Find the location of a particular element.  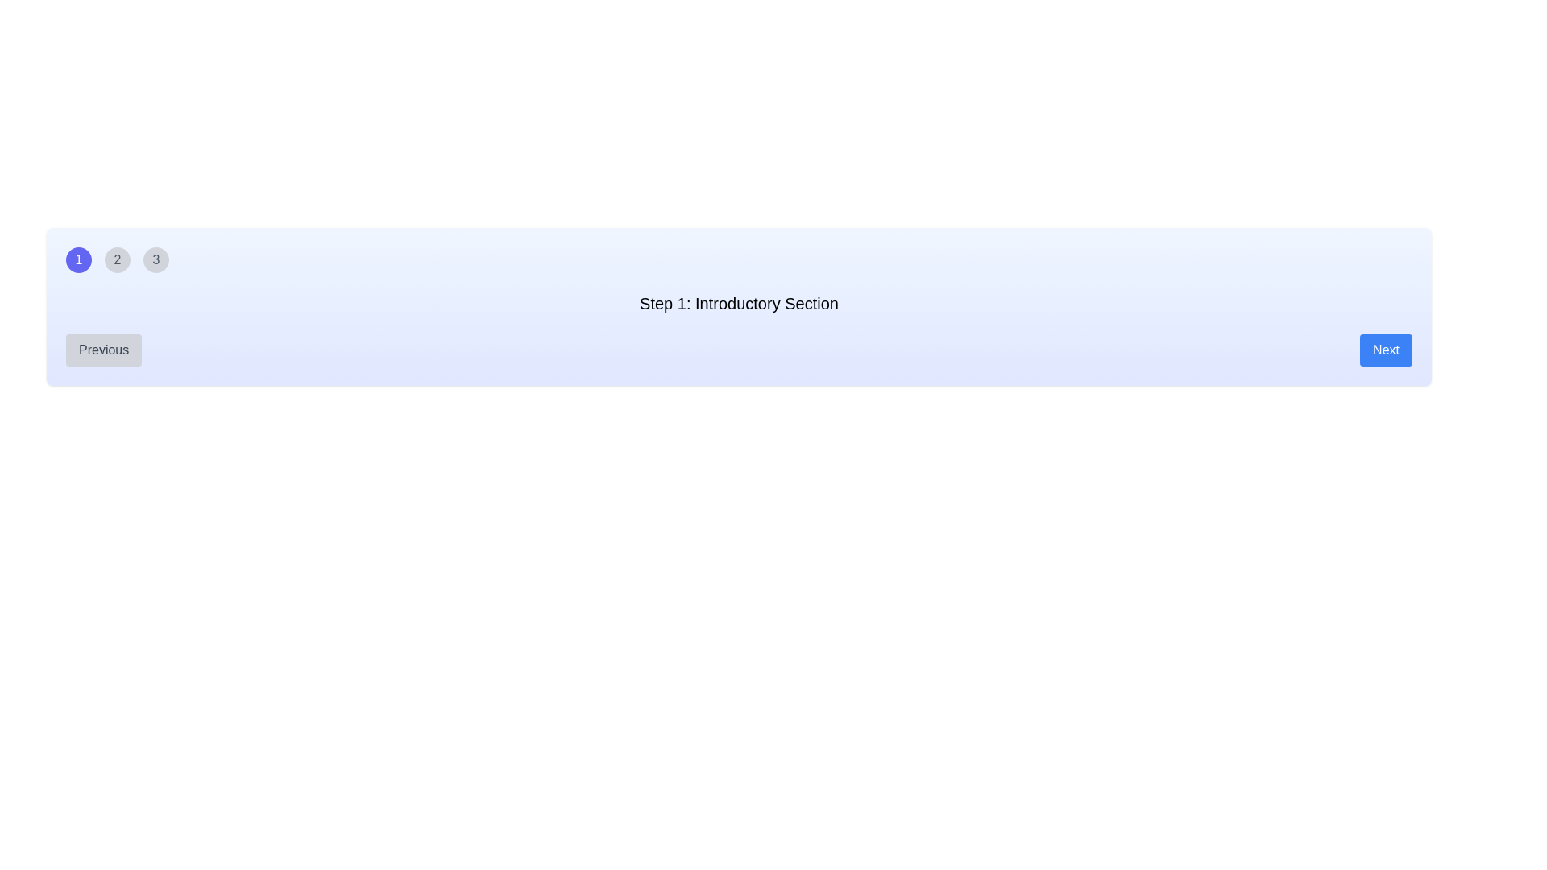

the first circular button representing step 1 in the sequence is located at coordinates (77, 259).